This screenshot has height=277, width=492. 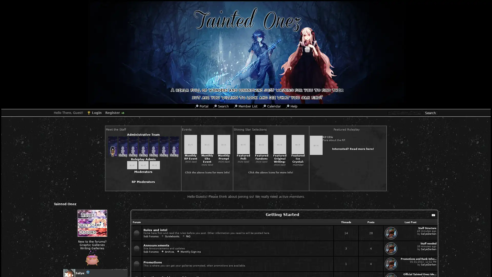 I want to click on Search, so click(x=430, y=113).